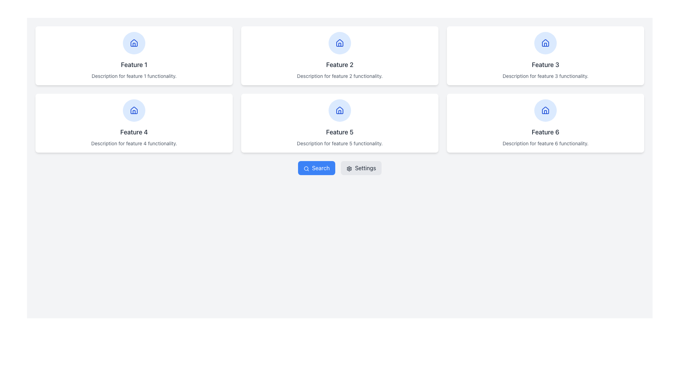  I want to click on the descriptive text label that provides additional details for 'Feature 1', located directly below the title text 'Feature 1', so click(134, 76).